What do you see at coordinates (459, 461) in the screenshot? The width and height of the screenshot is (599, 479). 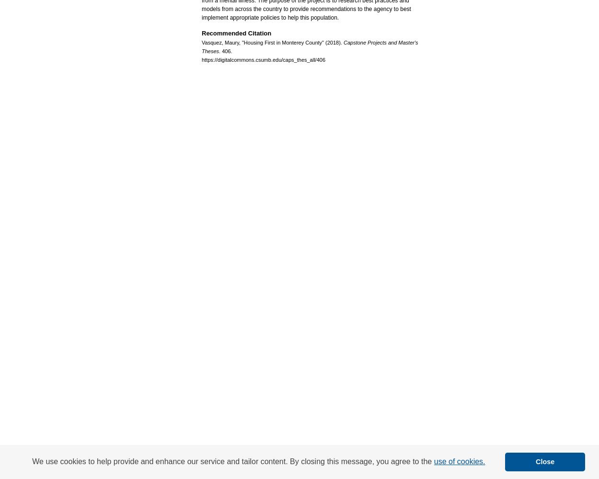 I see `'use of cookies.'` at bounding box center [459, 461].